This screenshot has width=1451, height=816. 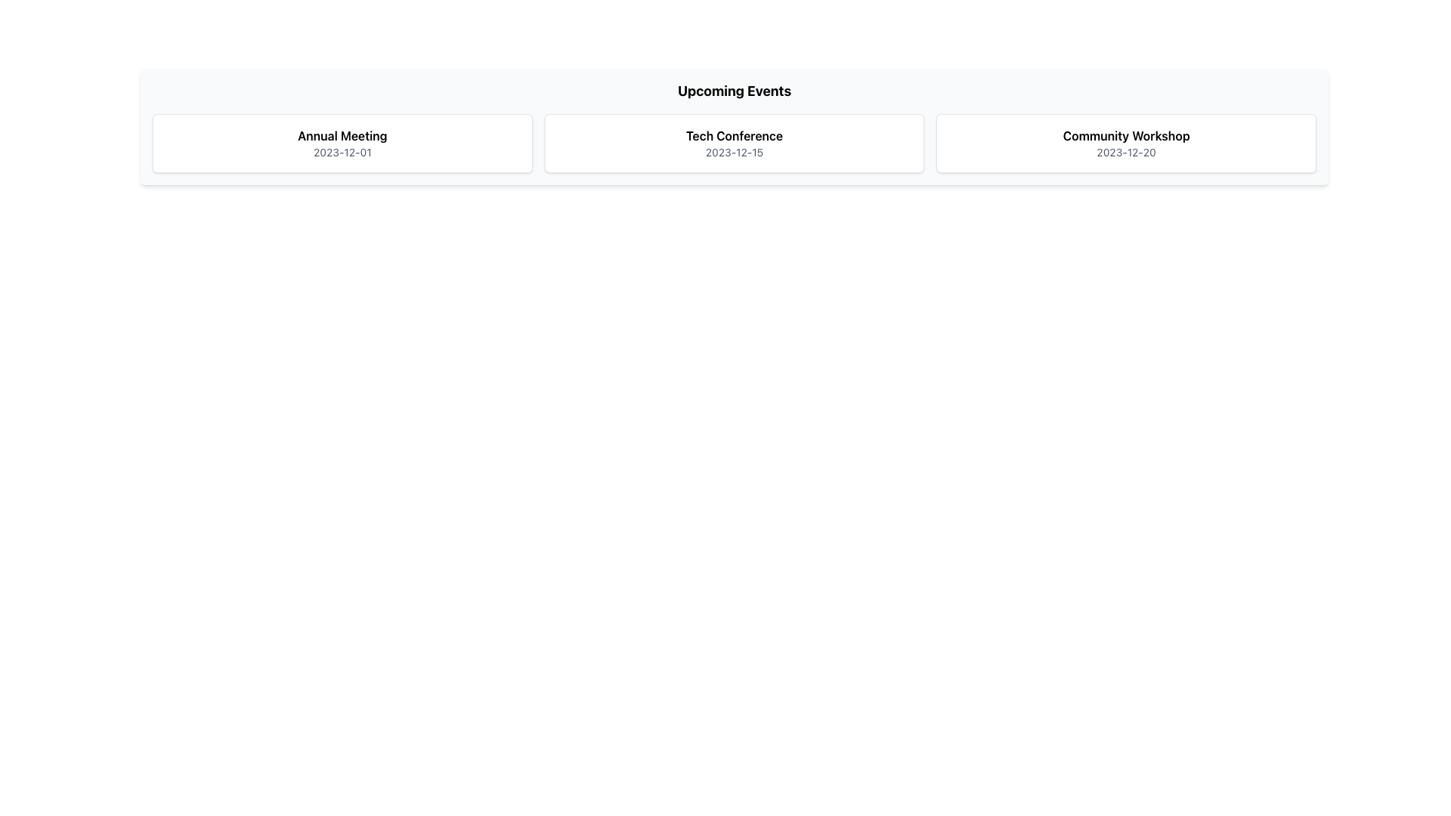 What do you see at coordinates (1126, 136) in the screenshot?
I see `the 'Community Workshop' text label, which is styled in bold and located in the third event card at the top center of the interface` at bounding box center [1126, 136].